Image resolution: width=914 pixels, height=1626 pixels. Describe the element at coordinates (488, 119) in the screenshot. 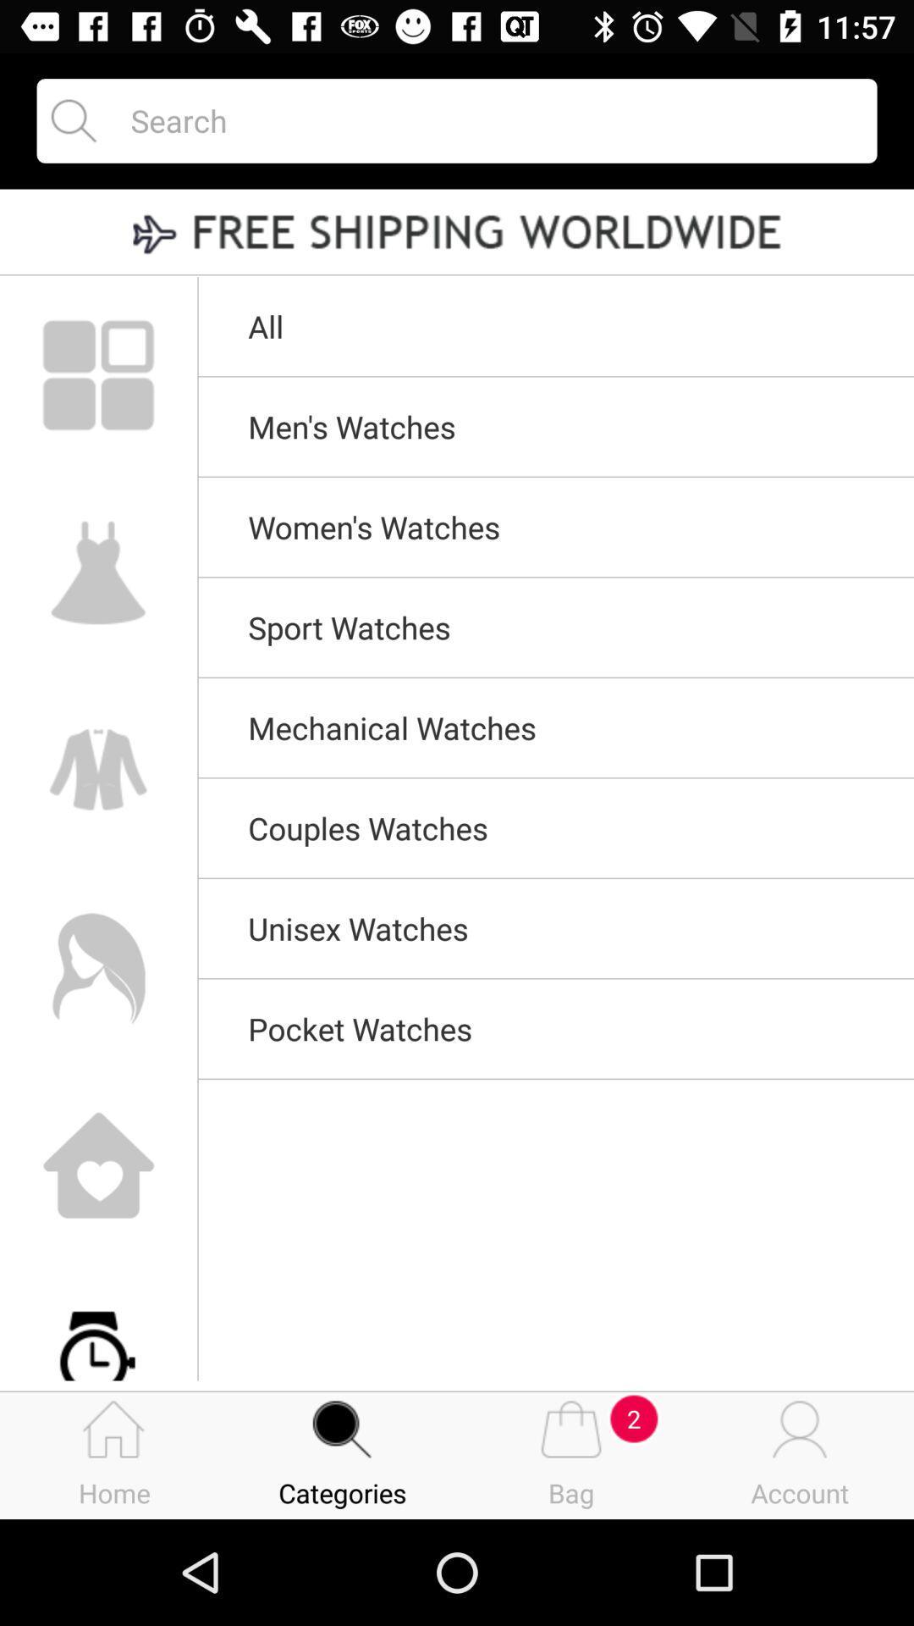

I see `search option` at that location.